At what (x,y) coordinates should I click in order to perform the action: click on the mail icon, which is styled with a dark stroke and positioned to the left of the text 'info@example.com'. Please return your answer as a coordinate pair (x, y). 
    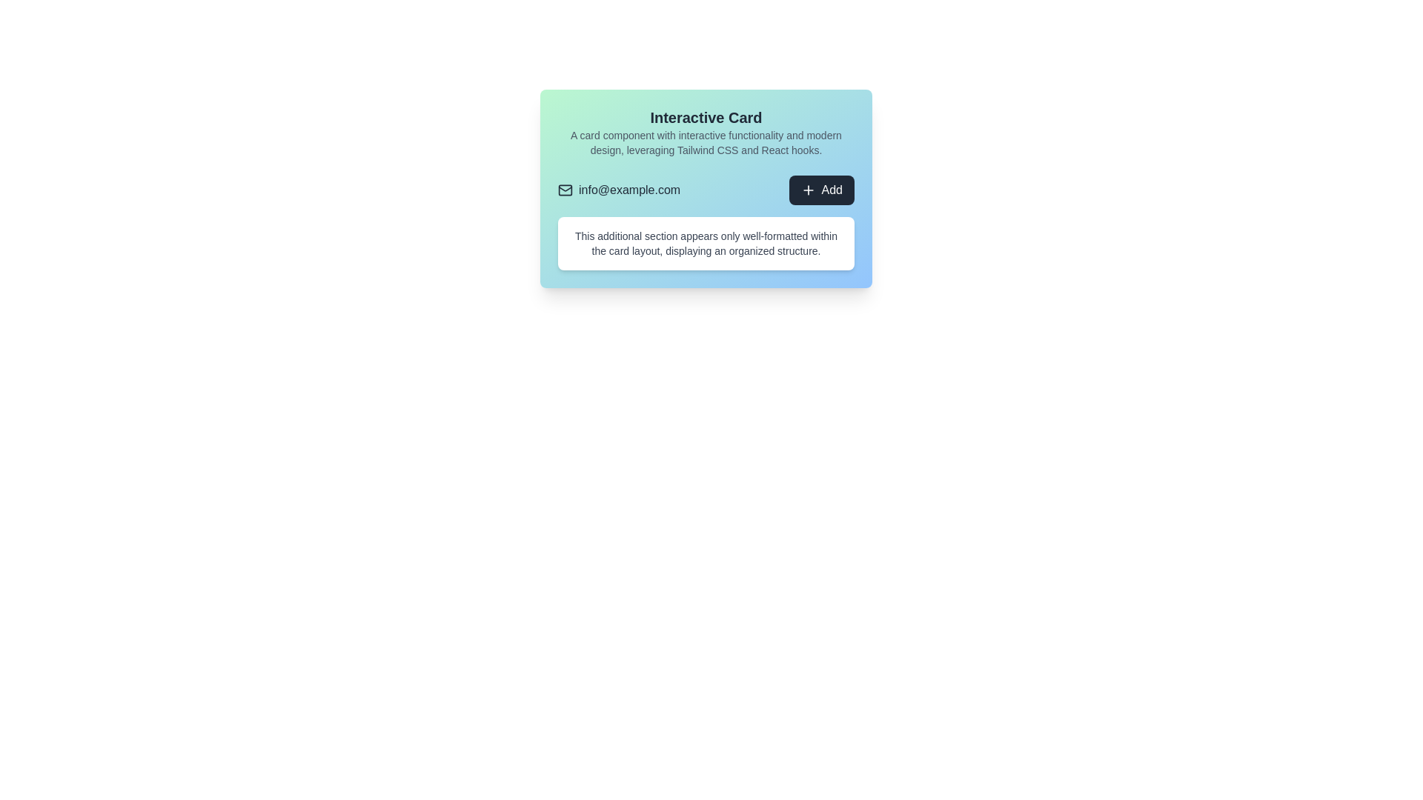
    Looking at the image, I should click on (565, 190).